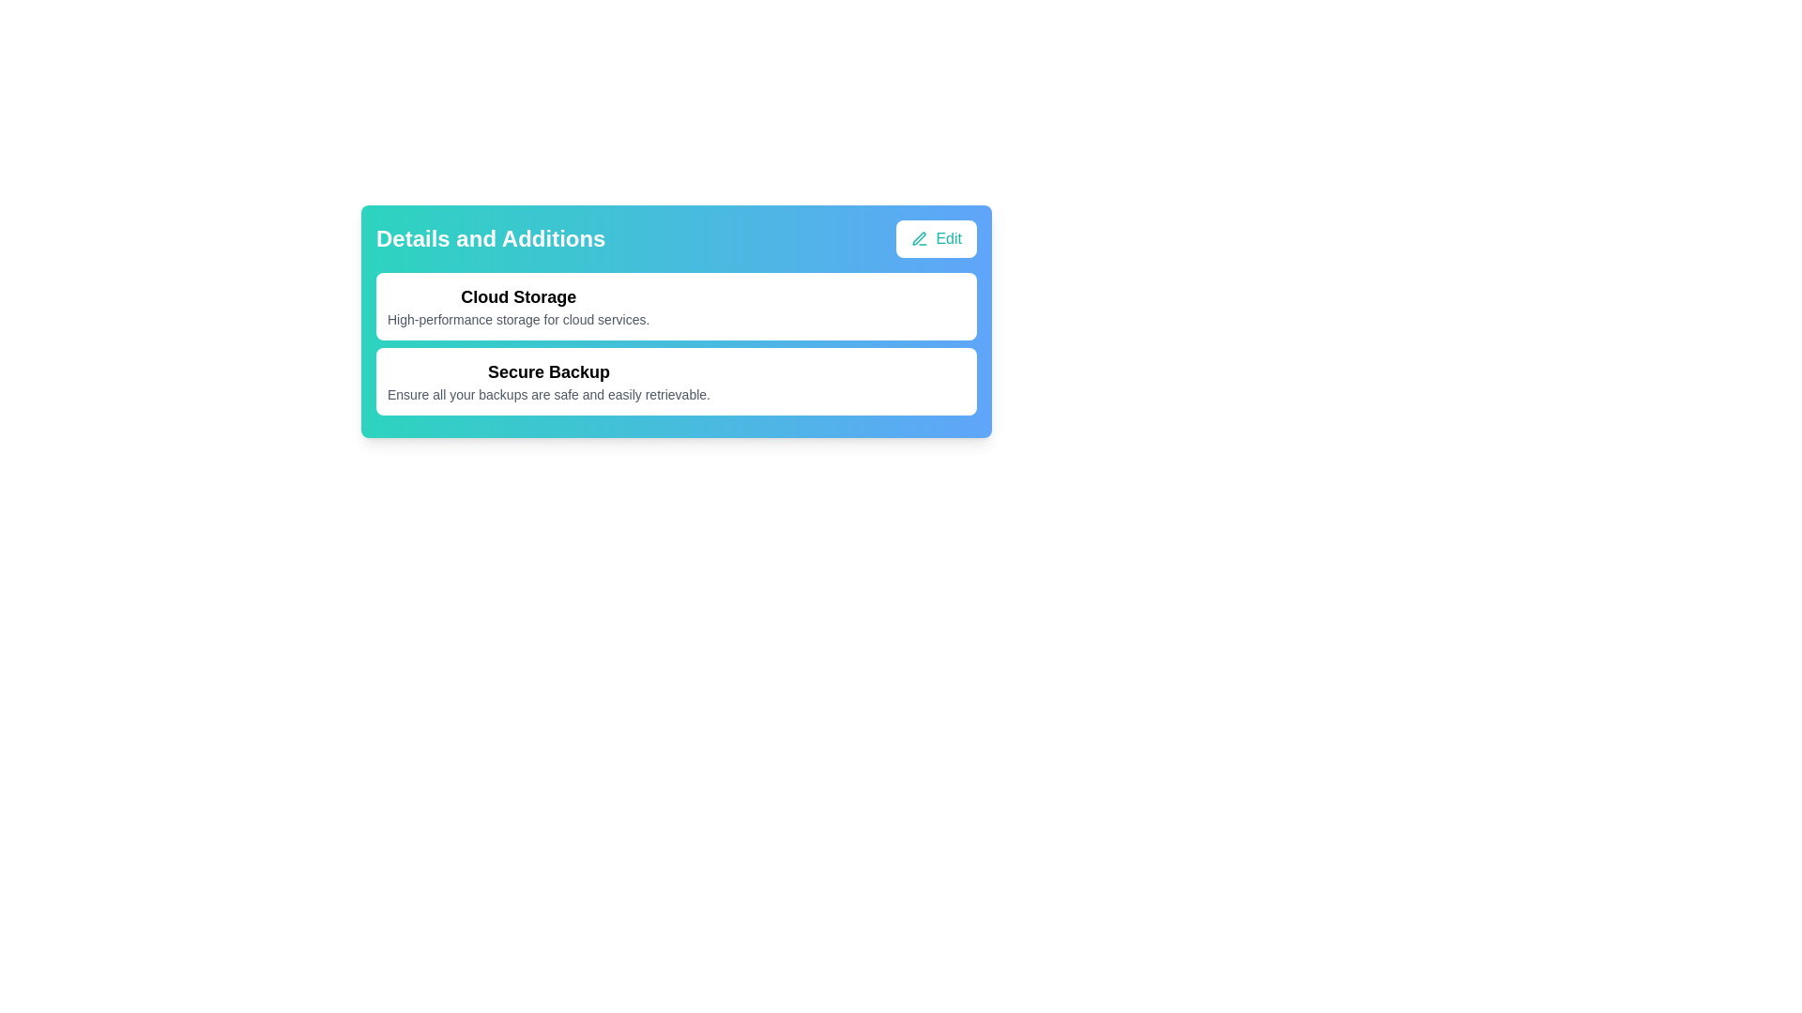  Describe the element at coordinates (518, 295) in the screenshot. I see `the 'Cloud Storage' text label` at that location.